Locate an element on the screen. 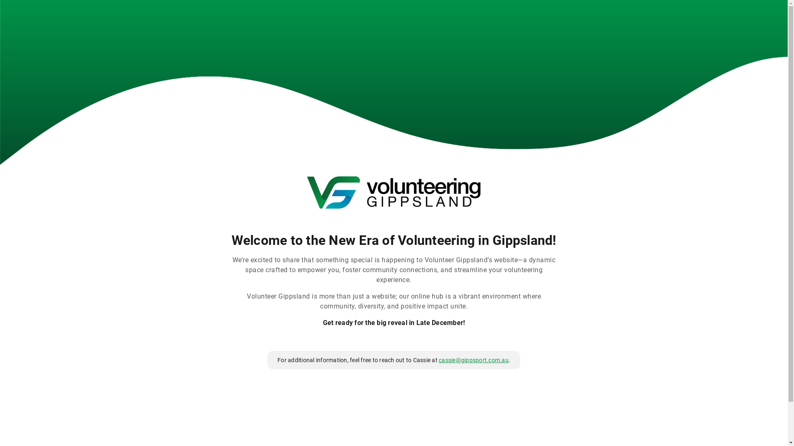 The height and width of the screenshot is (446, 794). 'cassie@gippsport.com.au' is located at coordinates (474, 359).